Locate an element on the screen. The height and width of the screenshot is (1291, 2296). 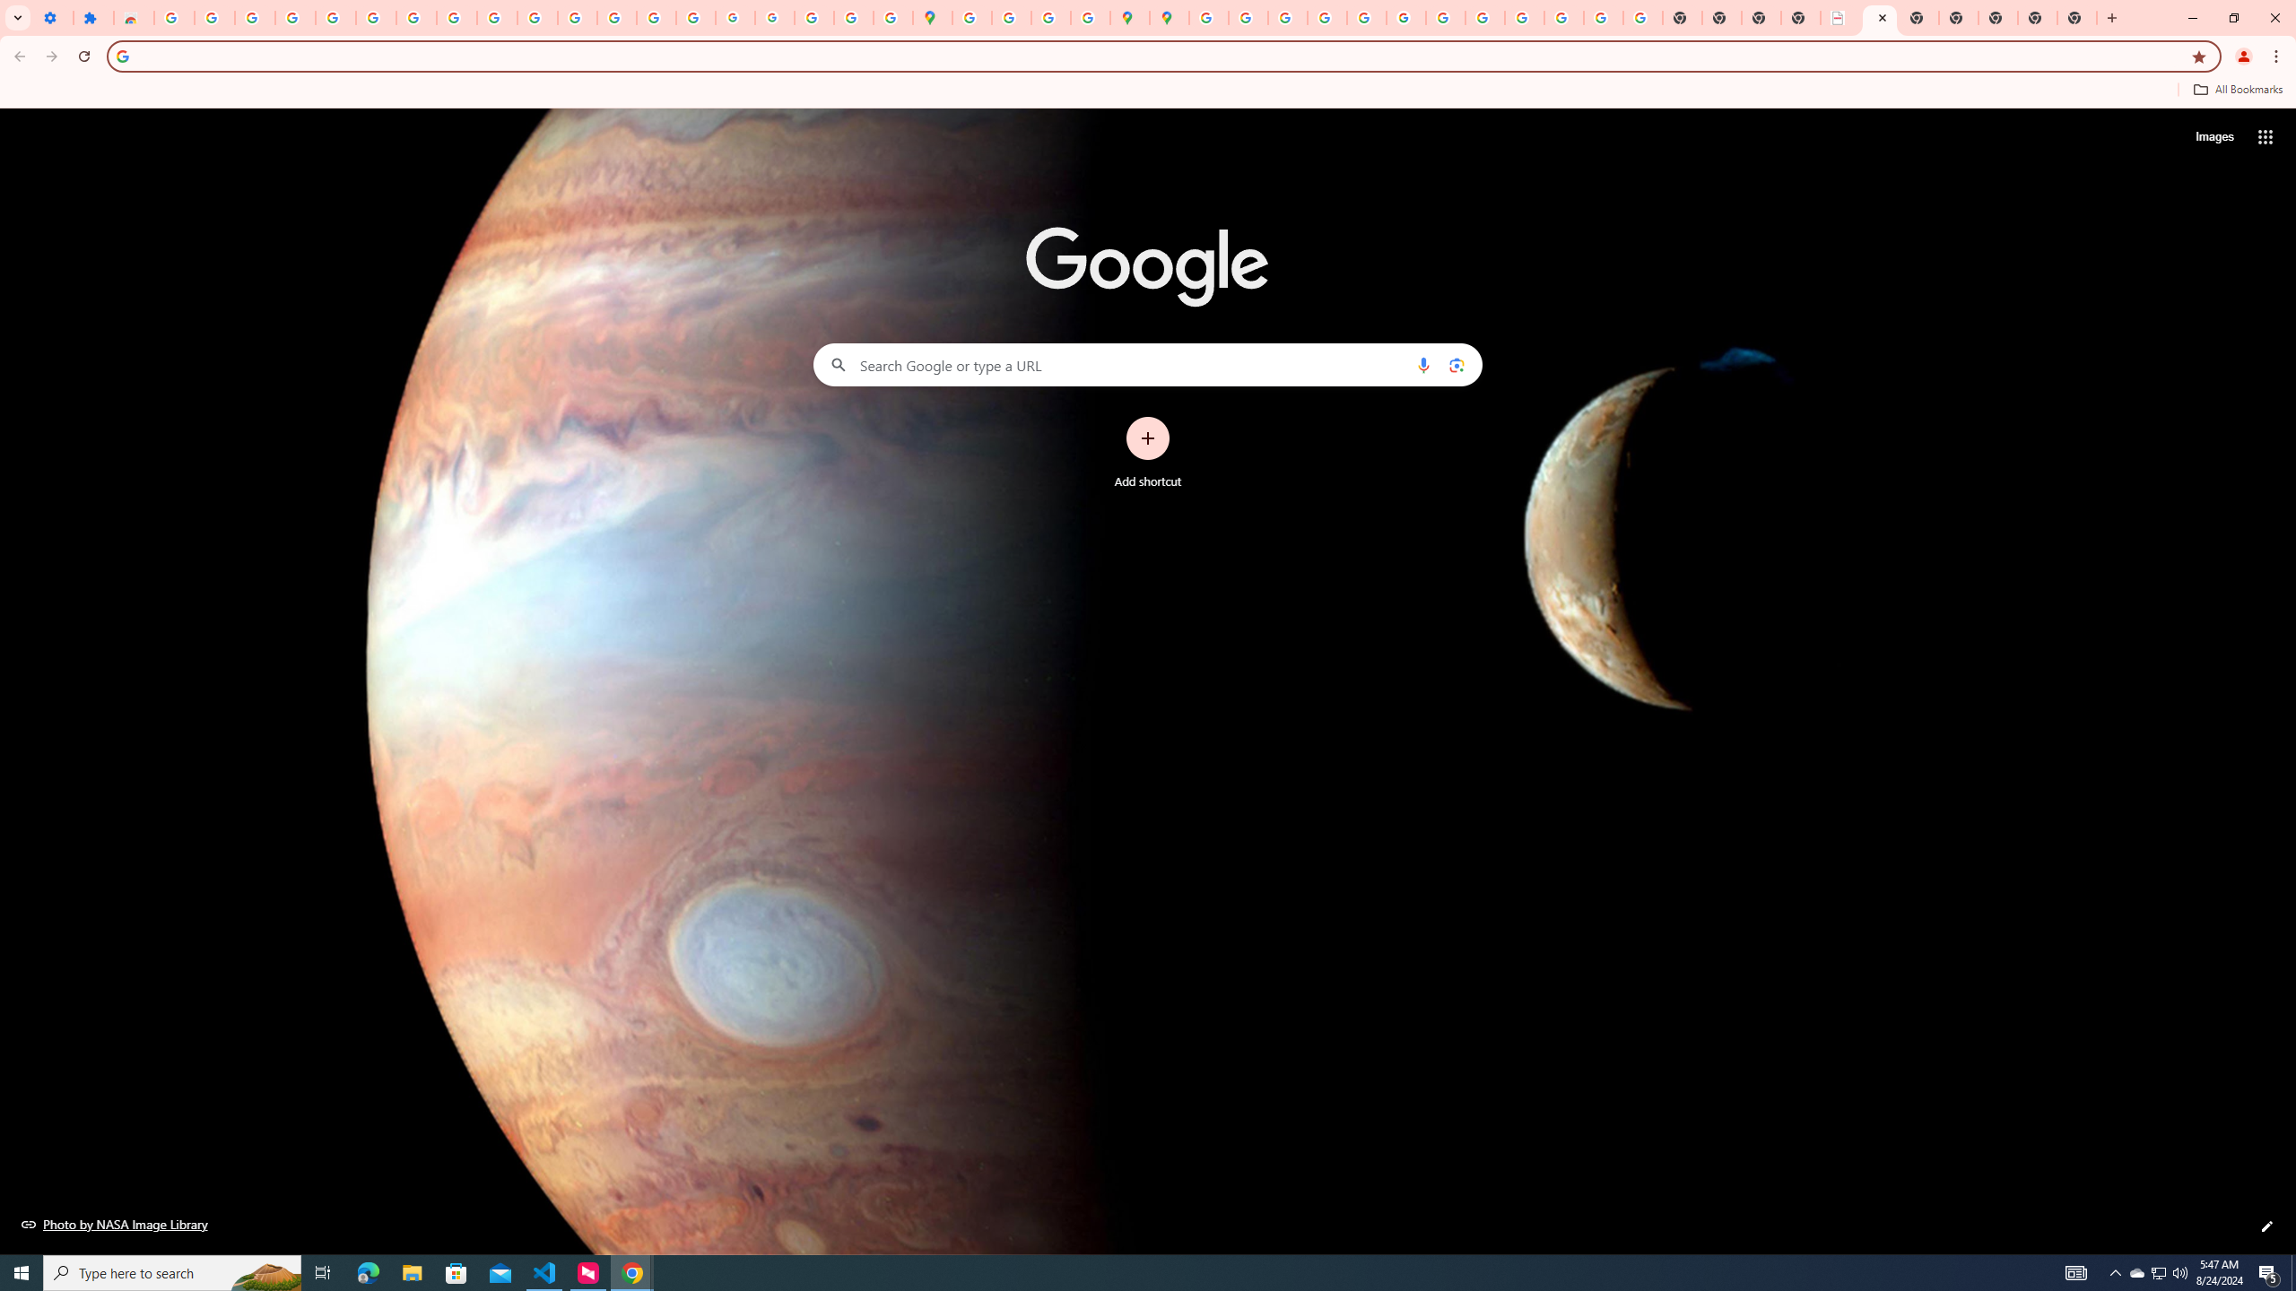
'Settings - On startup' is located at coordinates (54, 17).